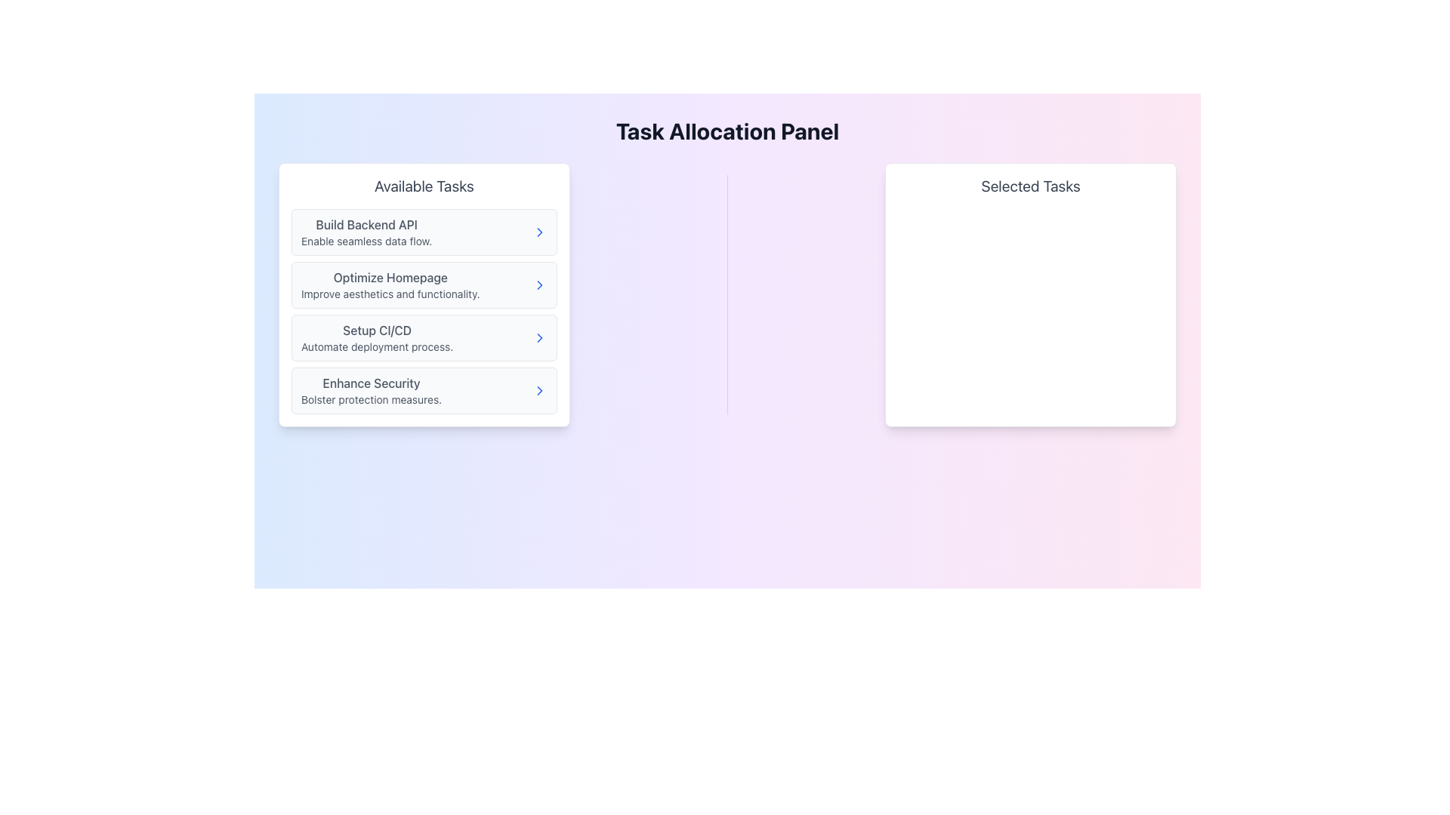 The height and width of the screenshot is (815, 1450). I want to click on the right arrow icon located next to the 'Enhance Security' task in the 'Available Tasks' panel to trigger a tooltip or highlight effect, so click(539, 389).